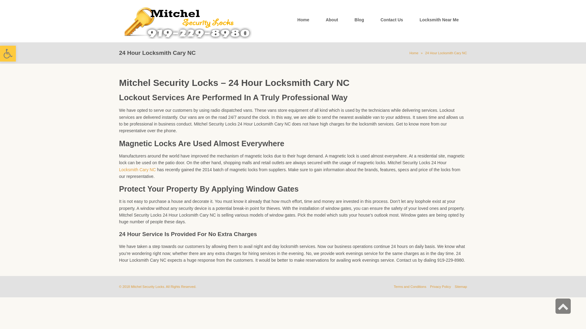  I want to click on 'Blog', so click(359, 19).